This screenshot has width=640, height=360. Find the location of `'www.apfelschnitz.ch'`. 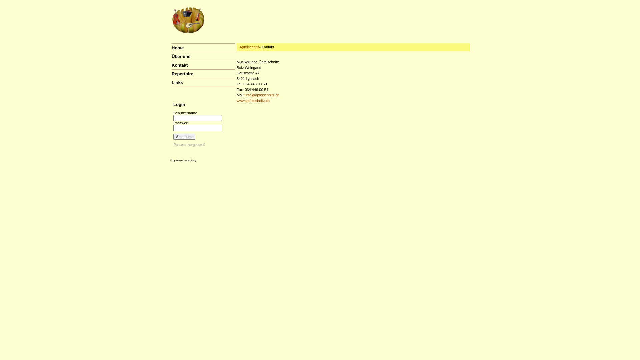

'www.apfelschnitz.ch' is located at coordinates (237, 100).